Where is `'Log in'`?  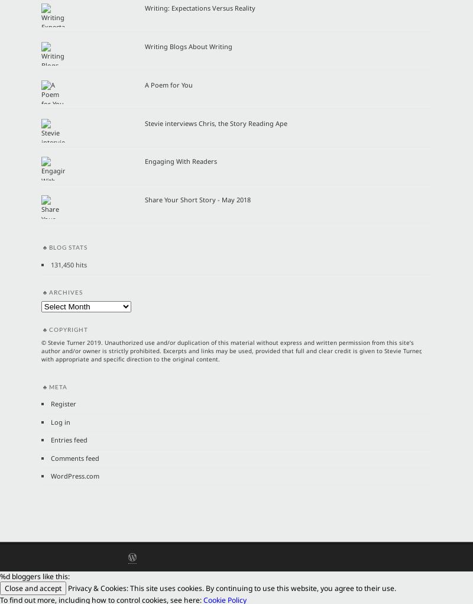 'Log in' is located at coordinates (59, 421).